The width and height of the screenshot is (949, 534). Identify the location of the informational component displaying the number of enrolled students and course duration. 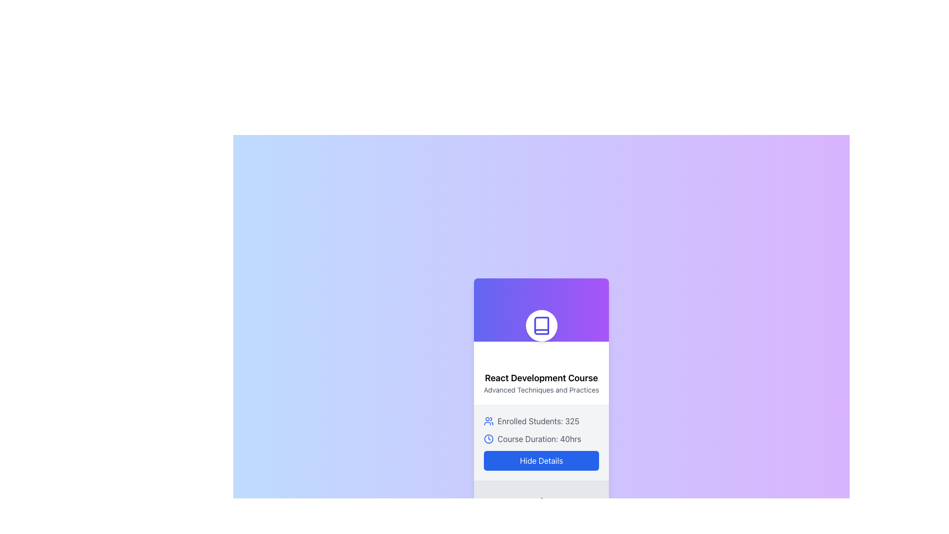
(541, 442).